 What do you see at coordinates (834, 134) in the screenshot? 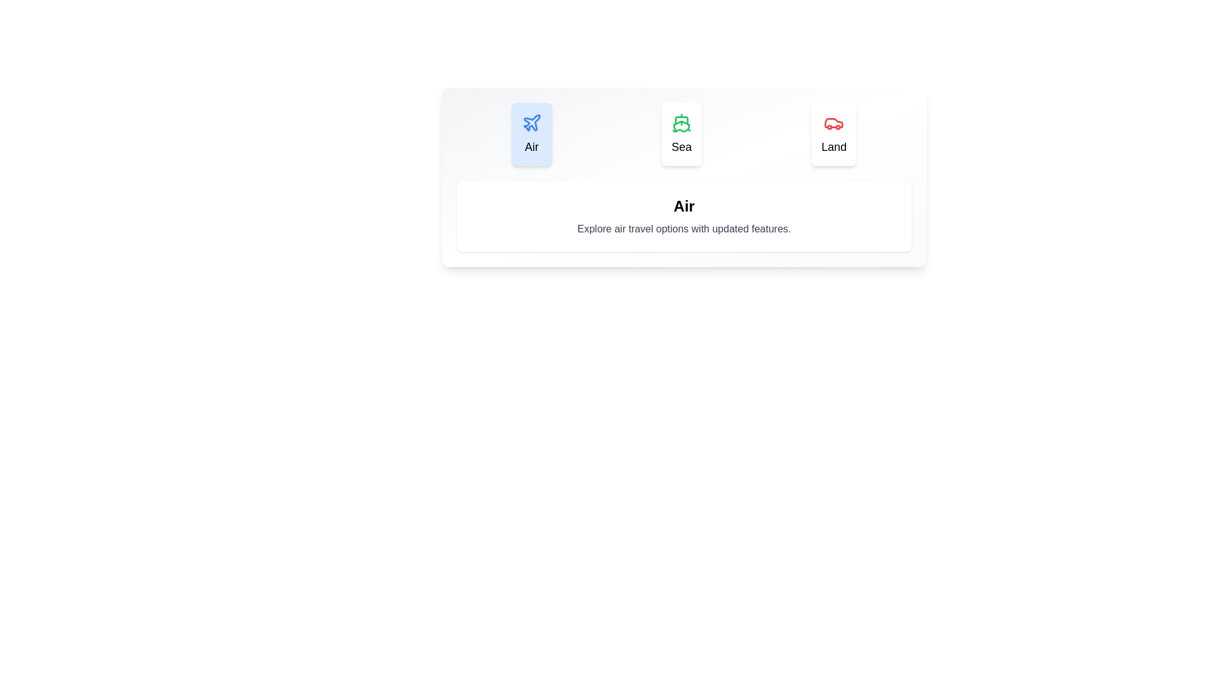
I see `the button corresponding to the selected mode of transportation: Land` at bounding box center [834, 134].